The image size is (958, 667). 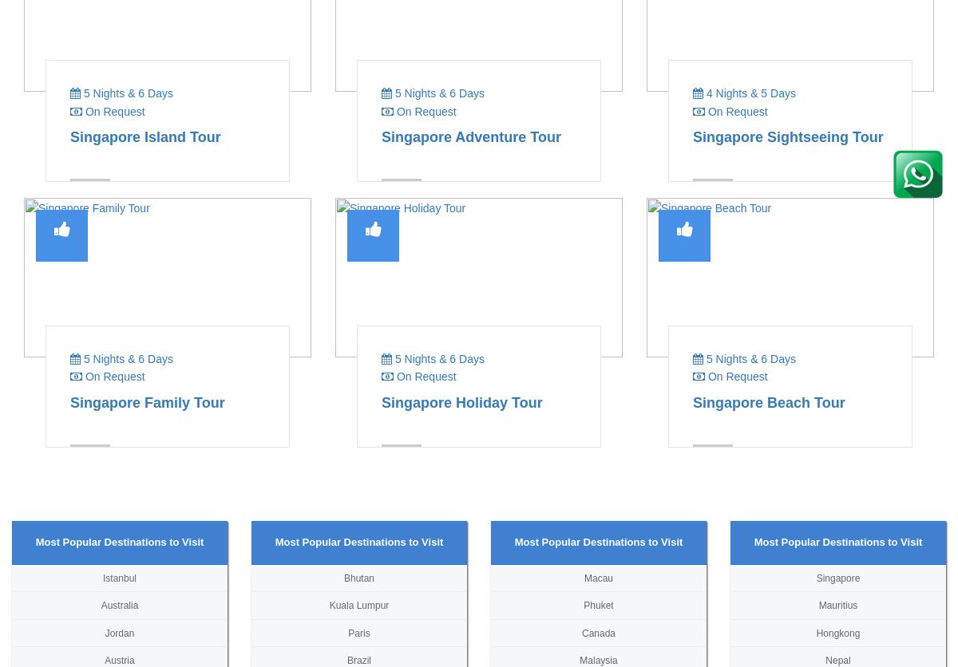 I want to click on 'Istanbul', so click(x=119, y=578).